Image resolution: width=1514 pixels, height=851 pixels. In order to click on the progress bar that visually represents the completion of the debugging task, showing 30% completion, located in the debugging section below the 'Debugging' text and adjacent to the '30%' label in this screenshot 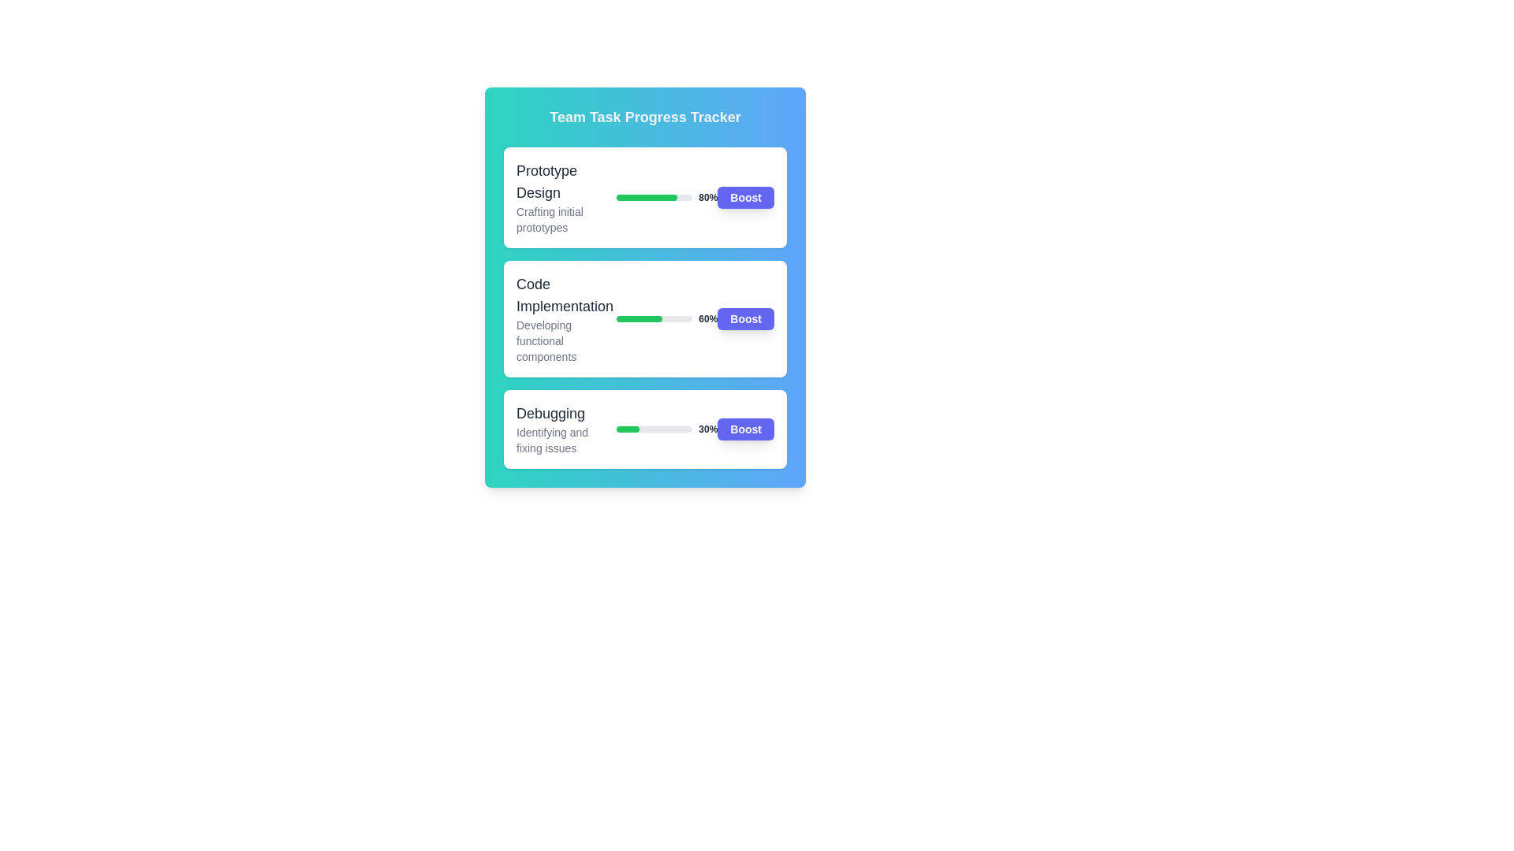, I will do `click(654, 429)`.